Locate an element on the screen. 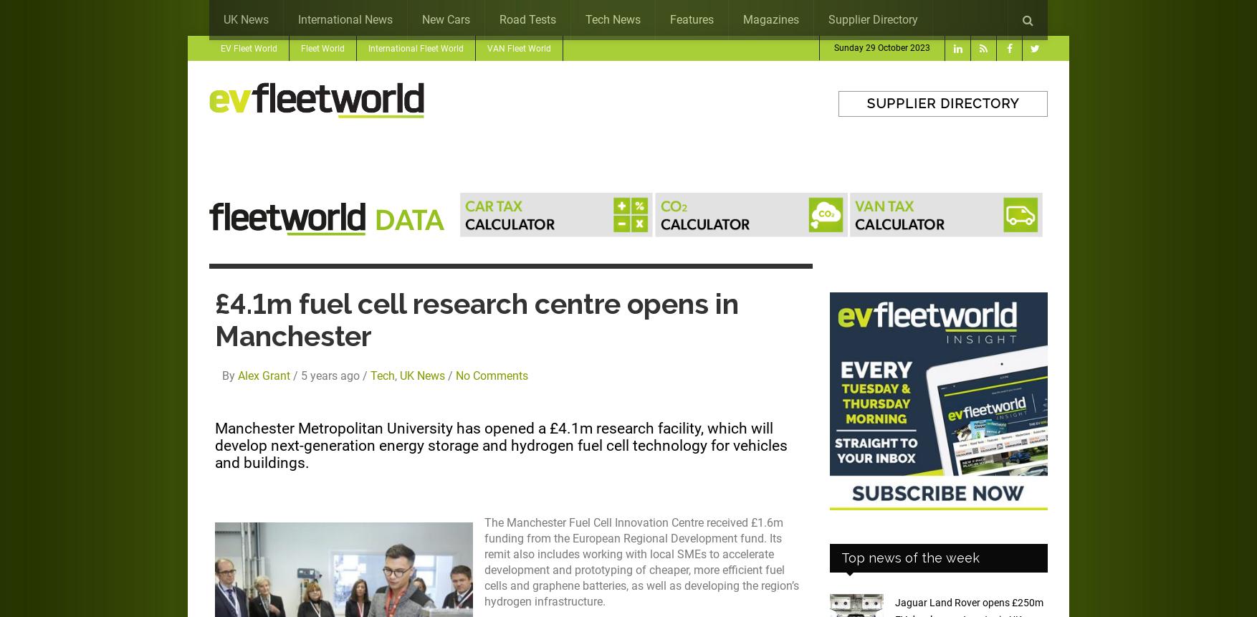 Image resolution: width=1257 pixels, height=617 pixels. '£4.1m fuel cell research centre opens in Manchester' is located at coordinates (476, 320).